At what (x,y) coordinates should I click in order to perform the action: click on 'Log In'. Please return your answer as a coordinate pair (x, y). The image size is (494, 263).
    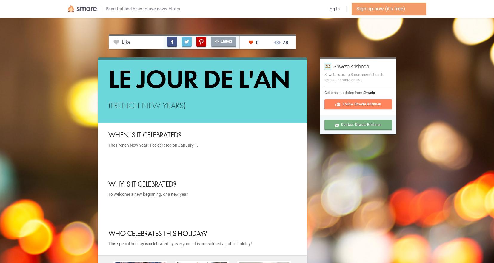
    Looking at the image, I should click on (333, 9).